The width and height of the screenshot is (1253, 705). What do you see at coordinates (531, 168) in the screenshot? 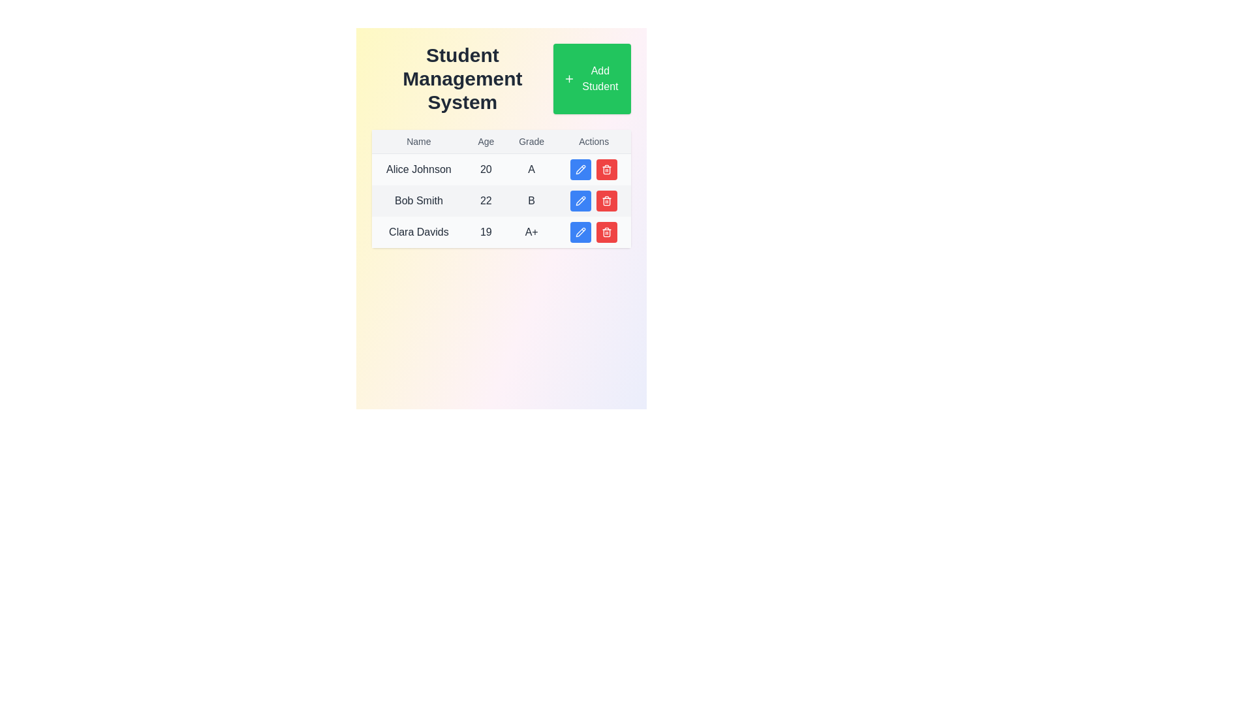
I see `the text element displaying 'A' in gray color, located in the 'Grade' column under the 'Alice Johnson' entry in the table` at bounding box center [531, 168].